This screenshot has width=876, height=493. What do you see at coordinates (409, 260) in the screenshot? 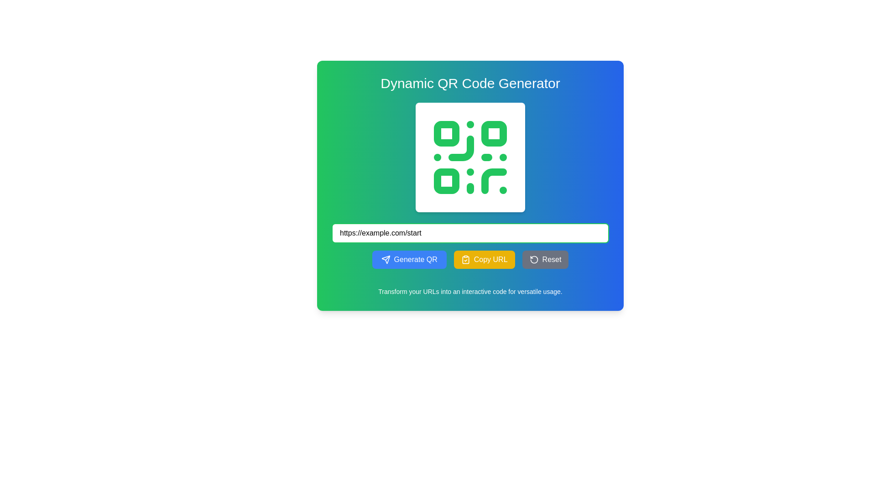
I see `the 'Generate QR' button, which is a rectangular button with a blue background and white text, located centrally on the page below a text input field` at bounding box center [409, 260].